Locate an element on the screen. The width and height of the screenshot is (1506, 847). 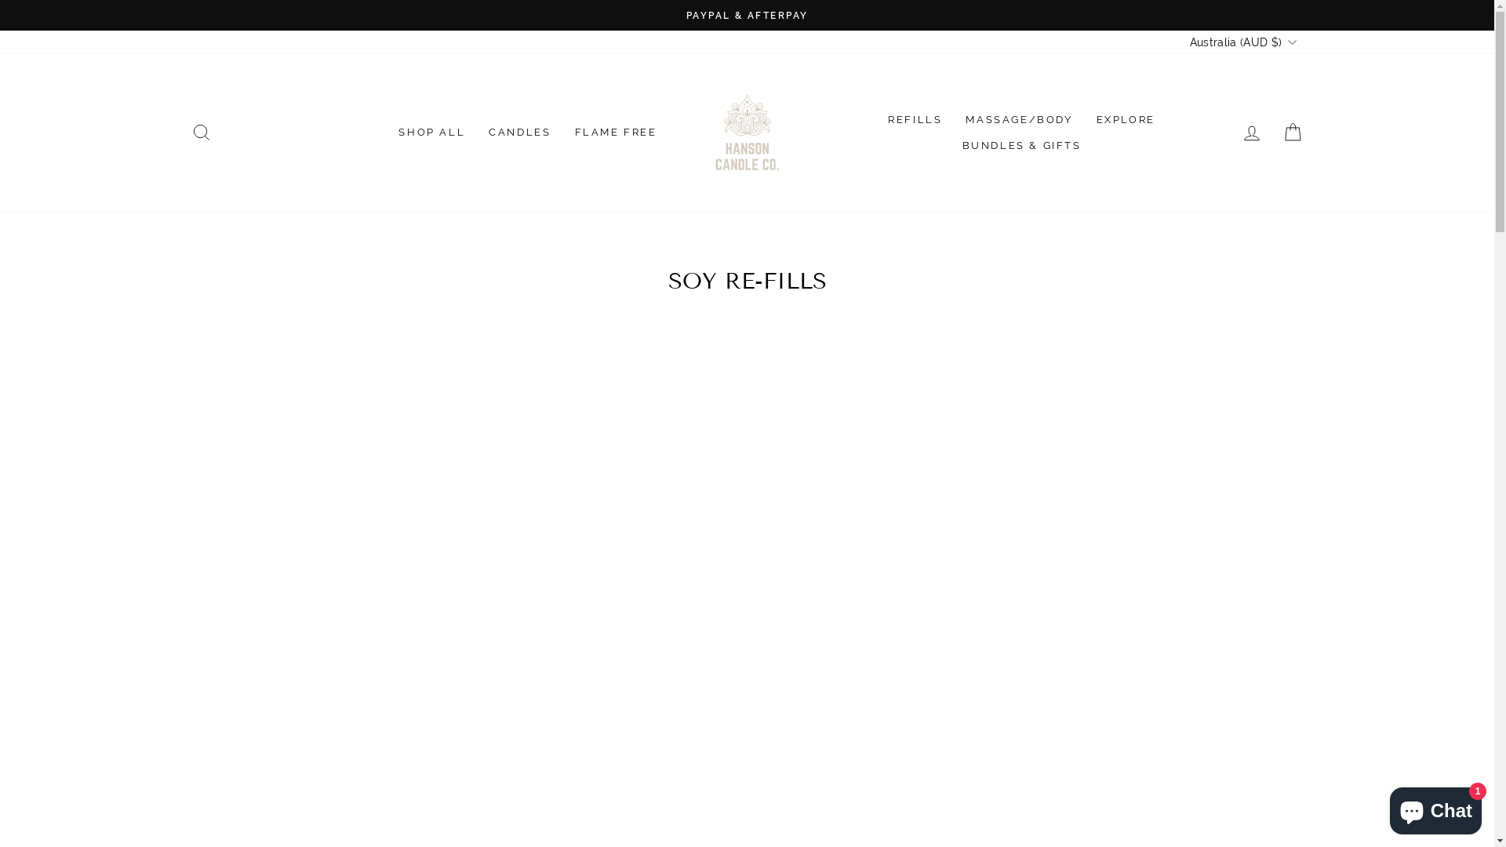
'CART' is located at coordinates (1272, 132).